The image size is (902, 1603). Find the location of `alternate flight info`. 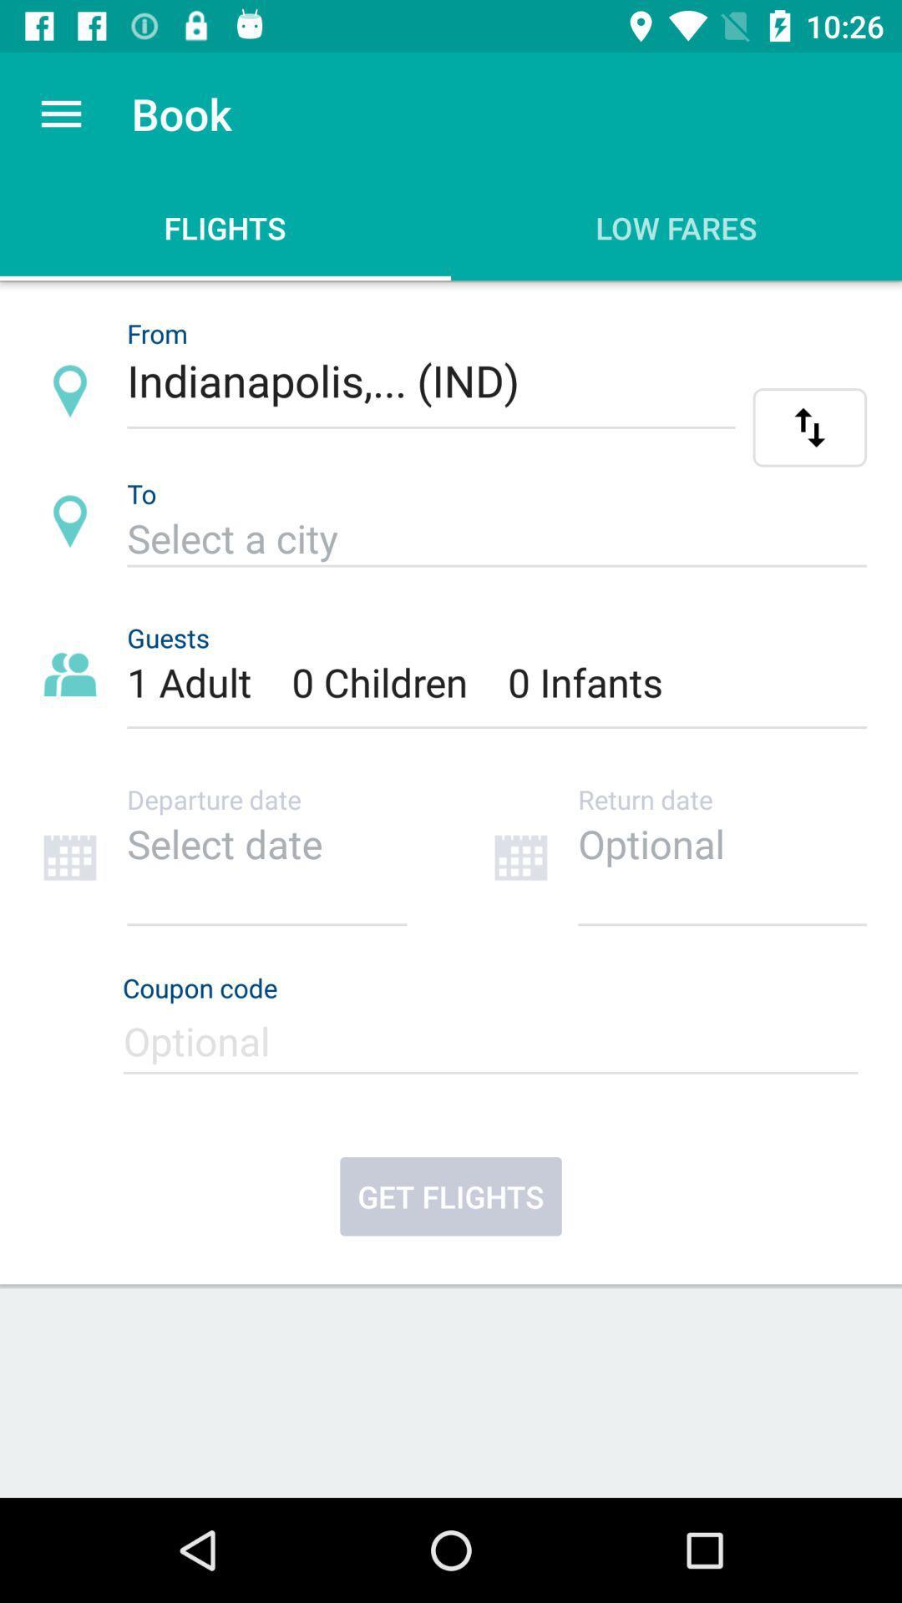

alternate flight info is located at coordinates (808, 427).